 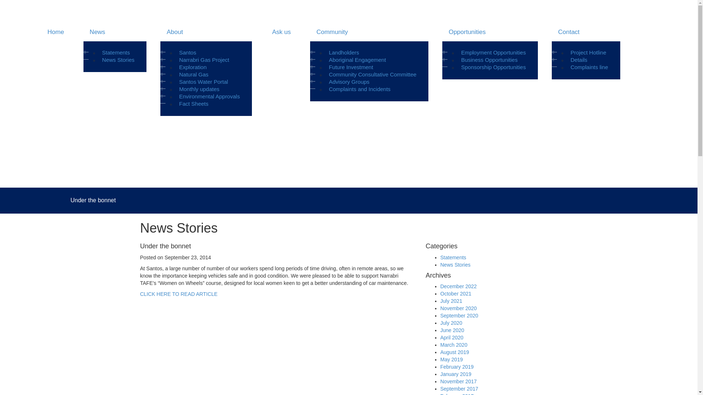 I want to click on 'Environmental Approvals', so click(x=209, y=96).